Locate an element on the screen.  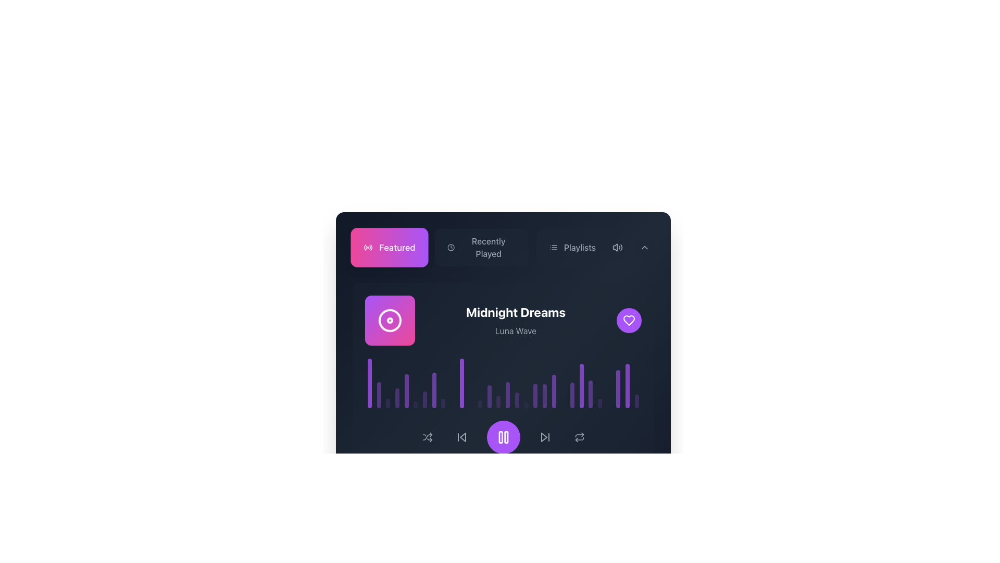
the third Graphical Equalizer Bar in the visual equalizer display is located at coordinates (387, 403).